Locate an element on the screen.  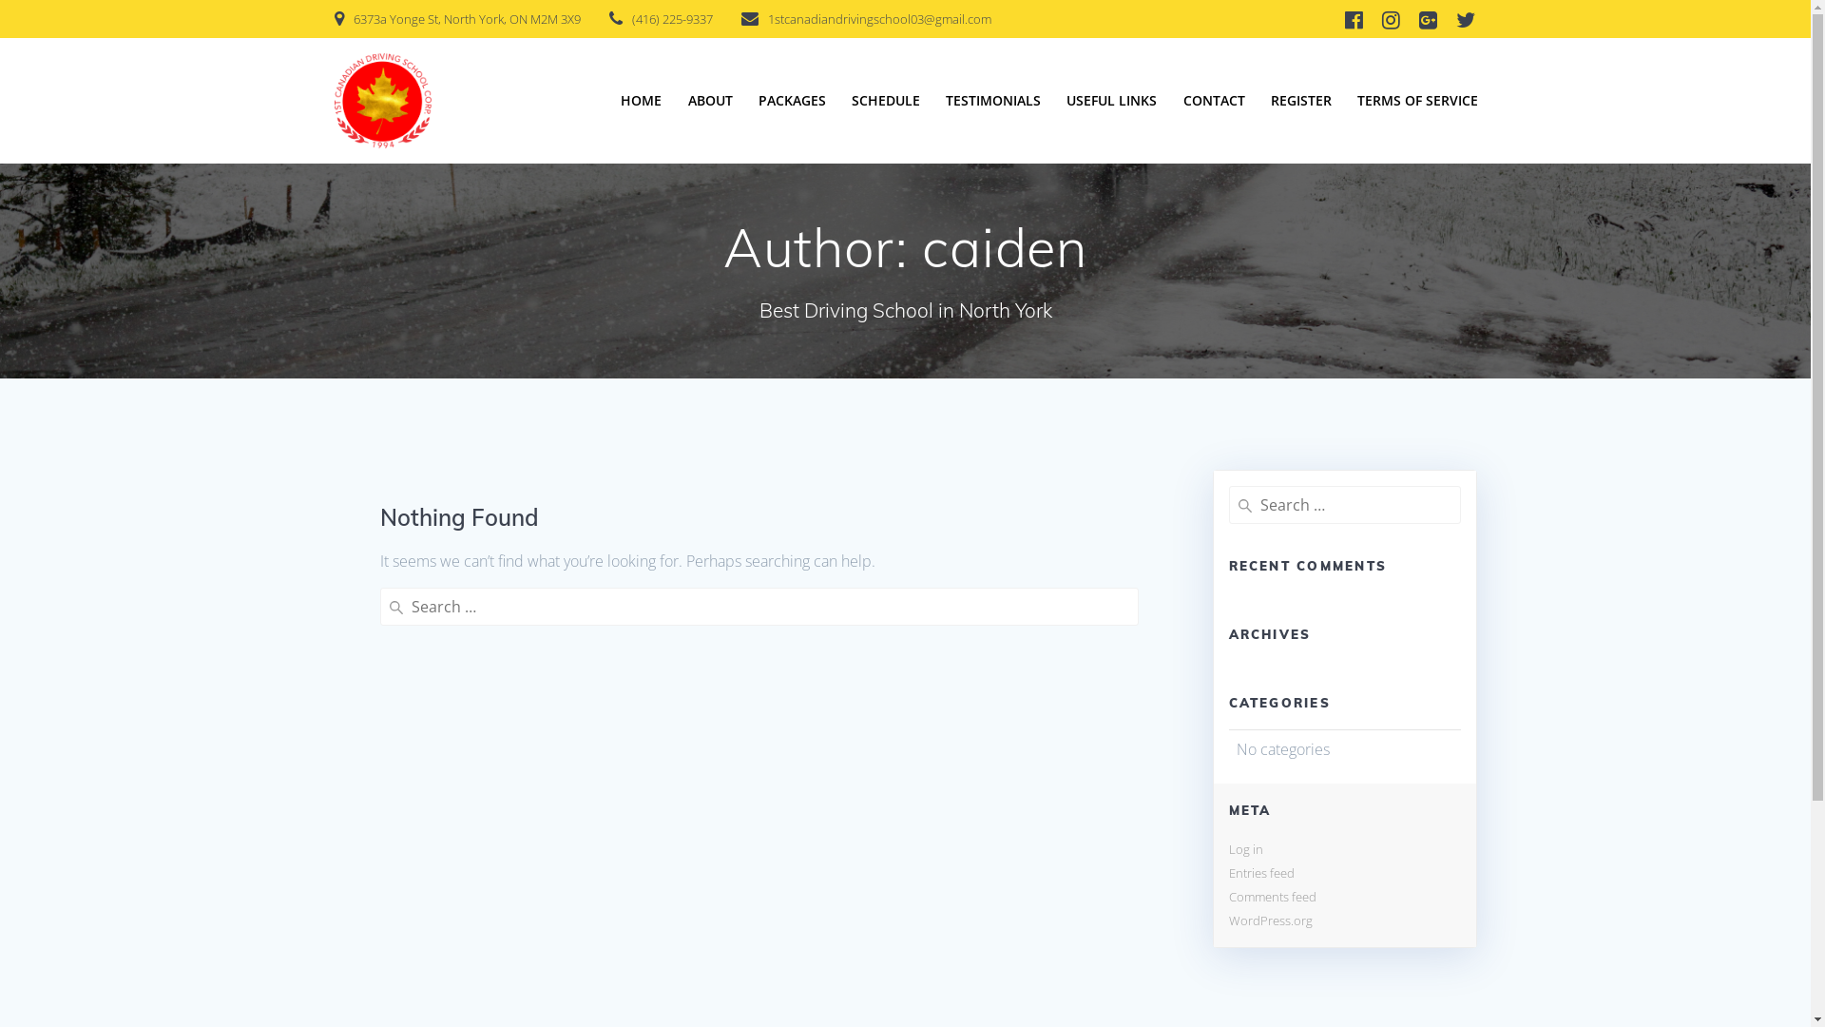
'Log in' is located at coordinates (1245, 848).